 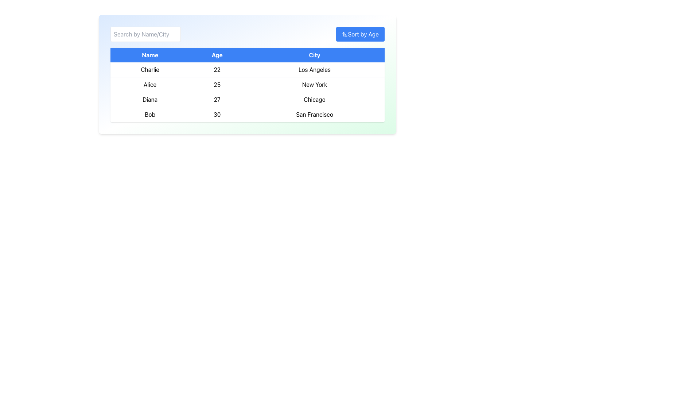 I want to click on the sorting icon located to the left of the 'Sort by Age' button in the top-right corner of the interface, so click(x=344, y=34).